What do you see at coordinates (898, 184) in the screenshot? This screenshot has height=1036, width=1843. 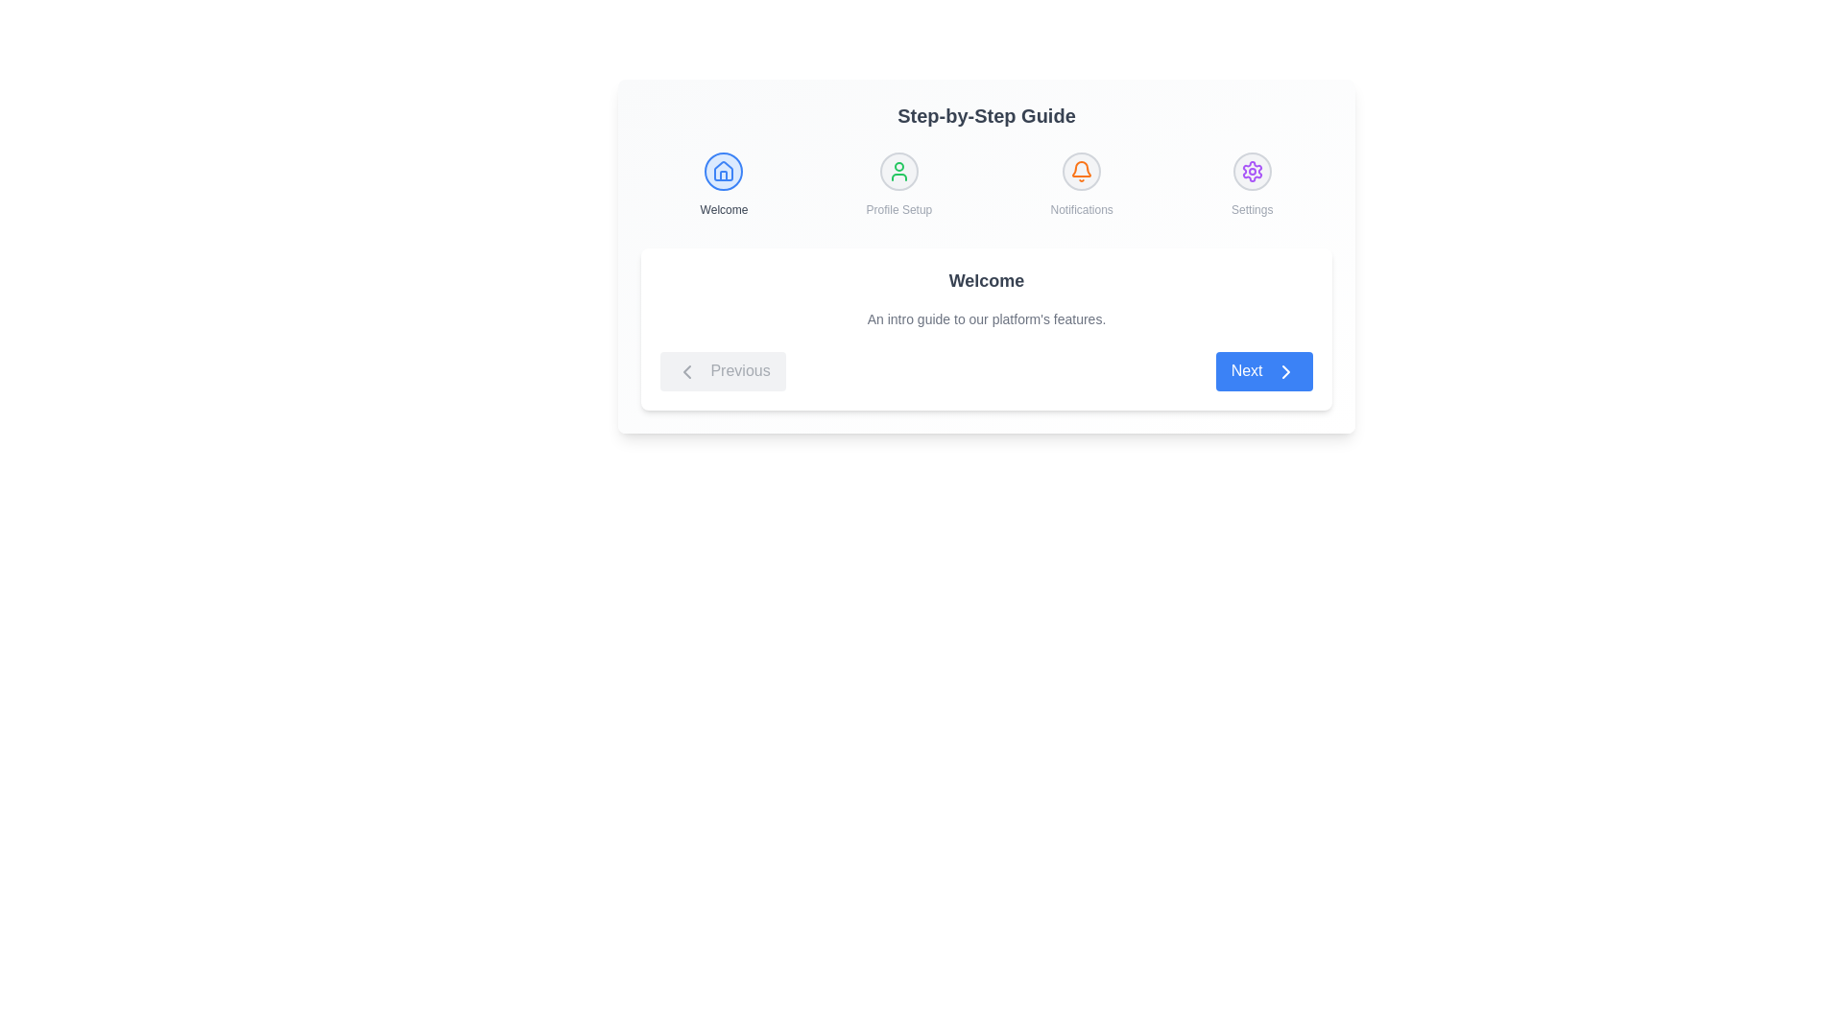 I see `the 'Profile Setup' Navigation button, which features a circular green silhouette of a person icon and is the second item in the horizontal navigation bar` at bounding box center [898, 184].